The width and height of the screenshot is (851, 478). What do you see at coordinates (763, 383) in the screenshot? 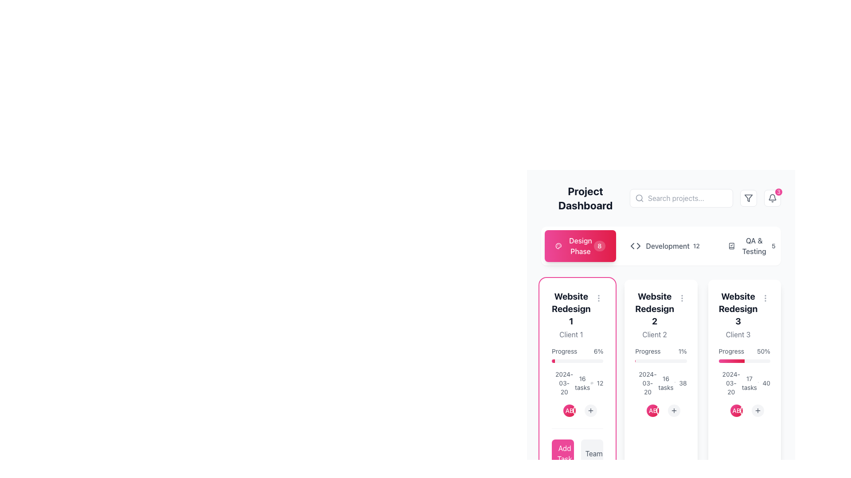
I see `the display text element showing the number '40' next to a speech bubble icon in the 'Website Redesign 3' project dashboard` at bounding box center [763, 383].